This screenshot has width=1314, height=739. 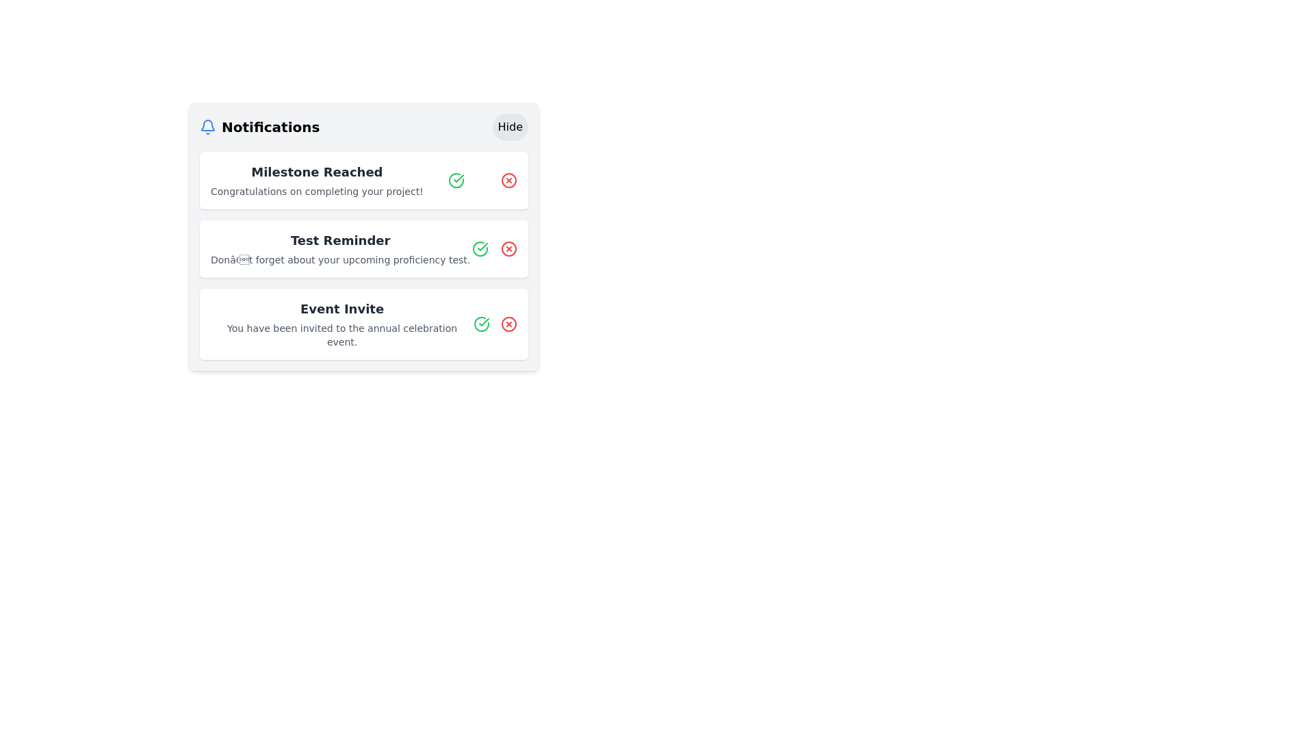 What do you see at coordinates (316, 179) in the screenshot?
I see `the first notification message in the 'Notifications' section, which indicates the successful completion of a project milestone` at bounding box center [316, 179].